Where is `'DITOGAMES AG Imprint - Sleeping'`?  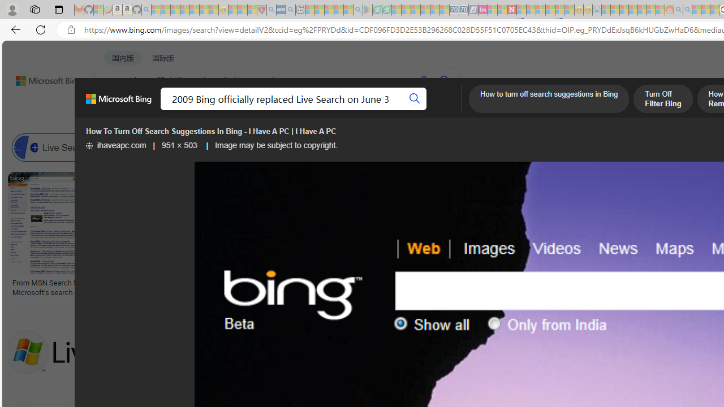 'DITOGAMES AG Imprint - Sleeping' is located at coordinates (597, 10).